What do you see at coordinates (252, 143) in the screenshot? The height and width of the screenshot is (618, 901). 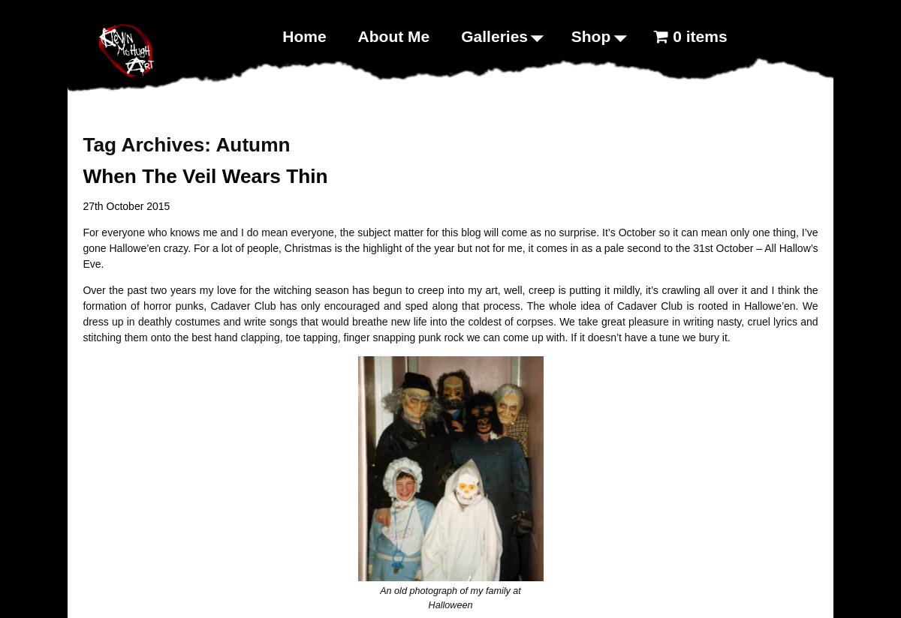 I see `'Autumn'` at bounding box center [252, 143].